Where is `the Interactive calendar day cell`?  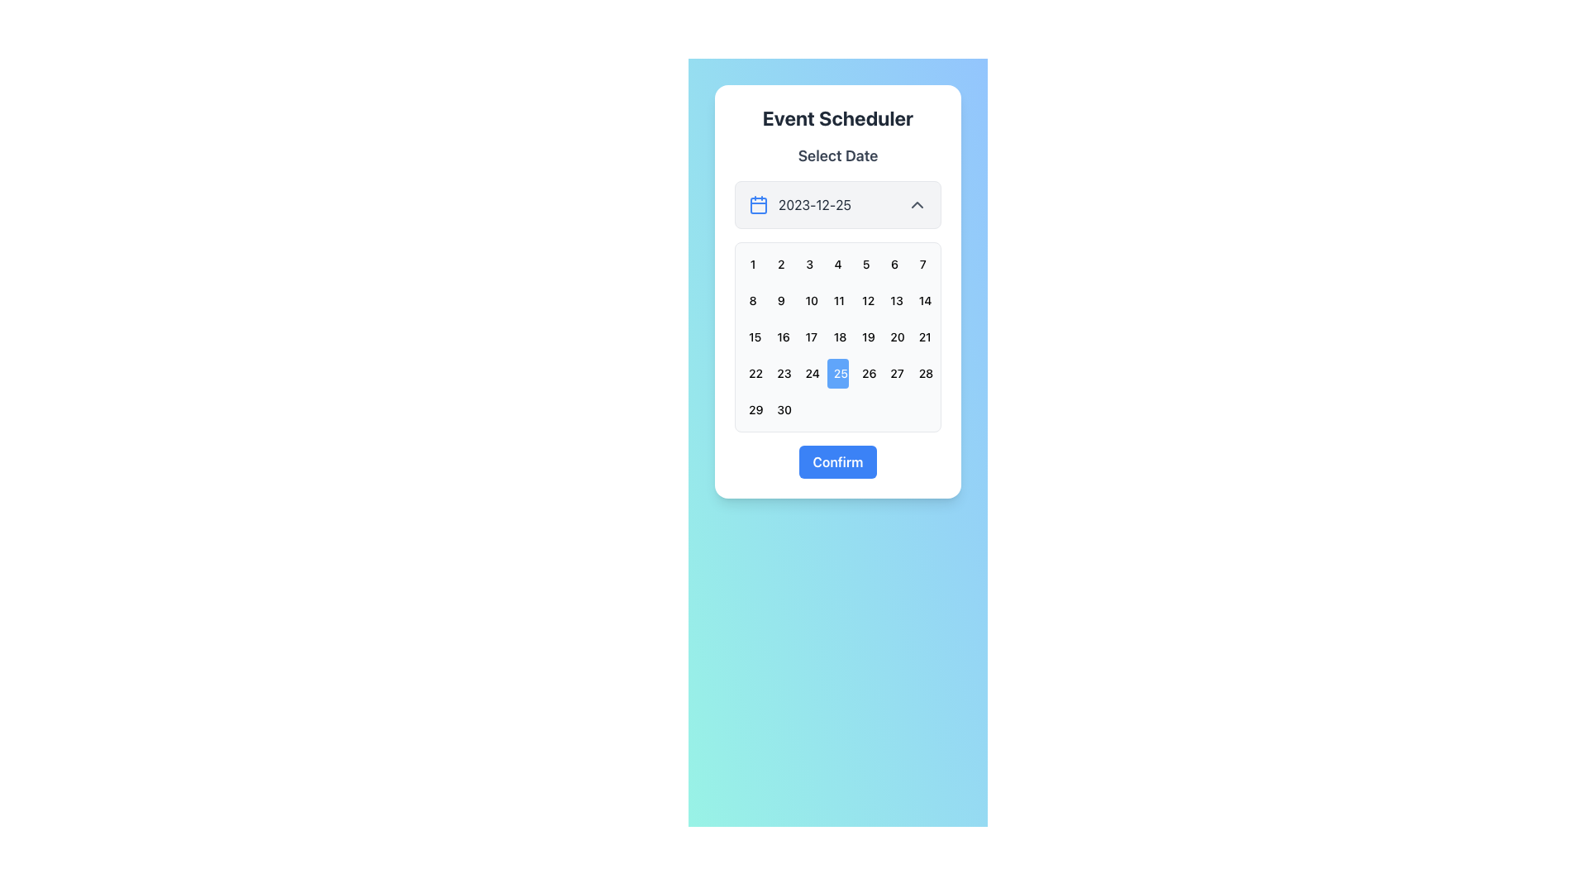 the Interactive calendar day cell is located at coordinates (865, 300).